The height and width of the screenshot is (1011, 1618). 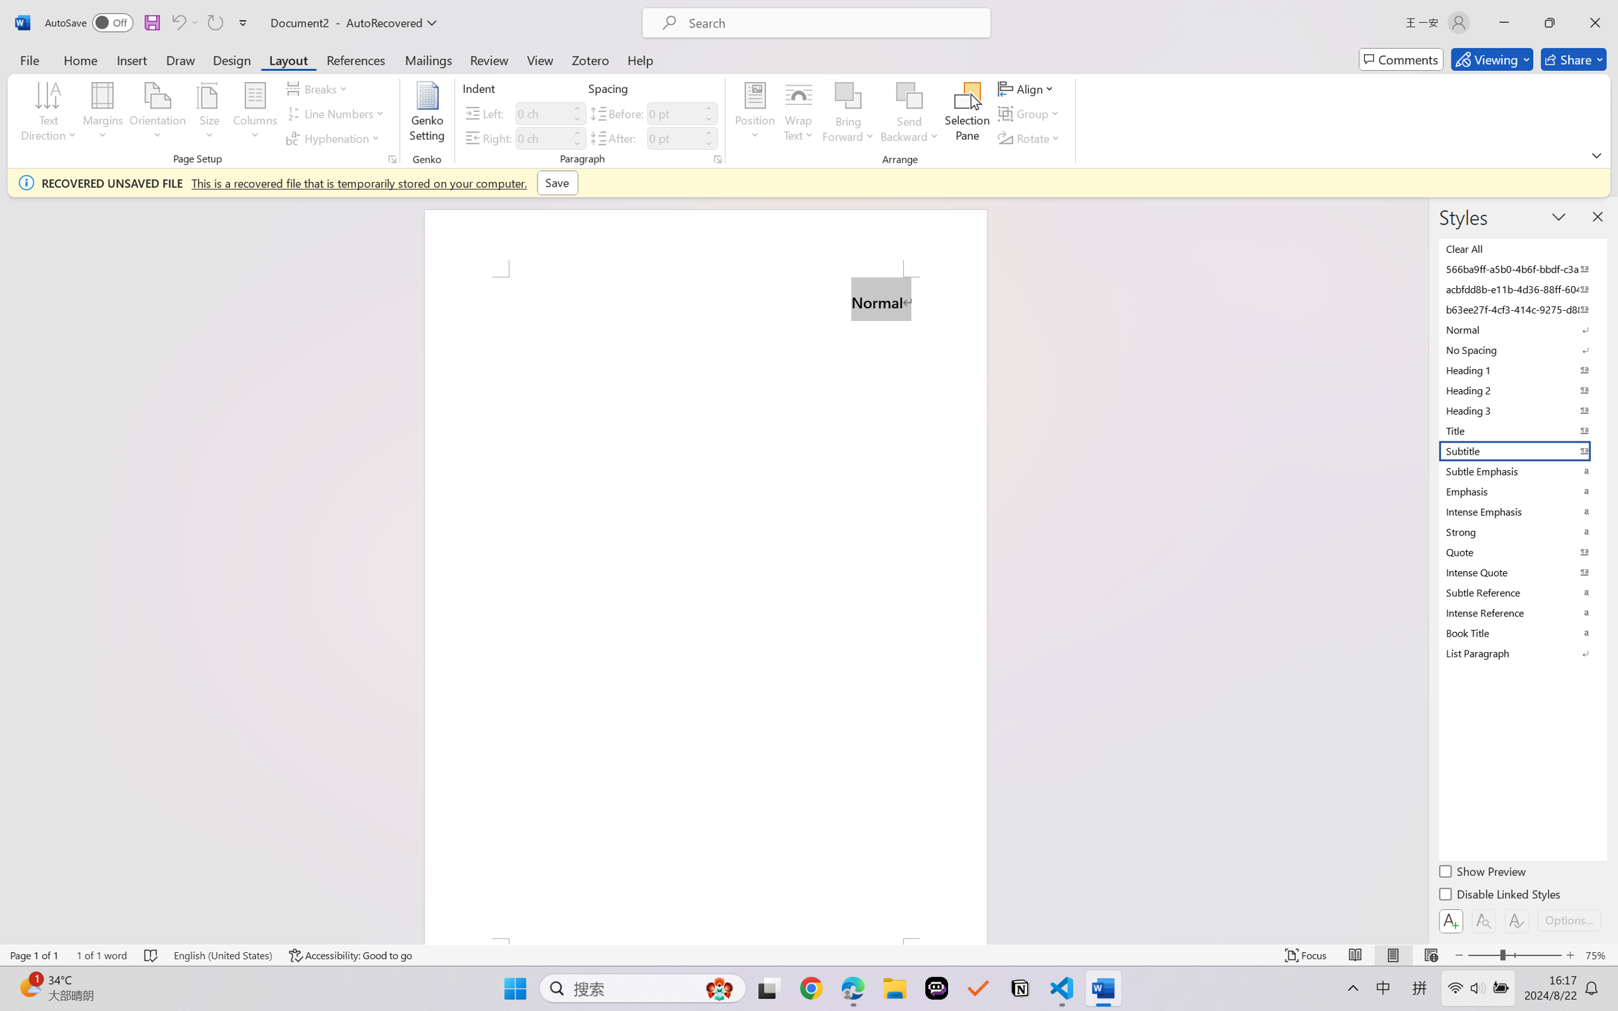 I want to click on 'Normal', so click(x=1521, y=328).